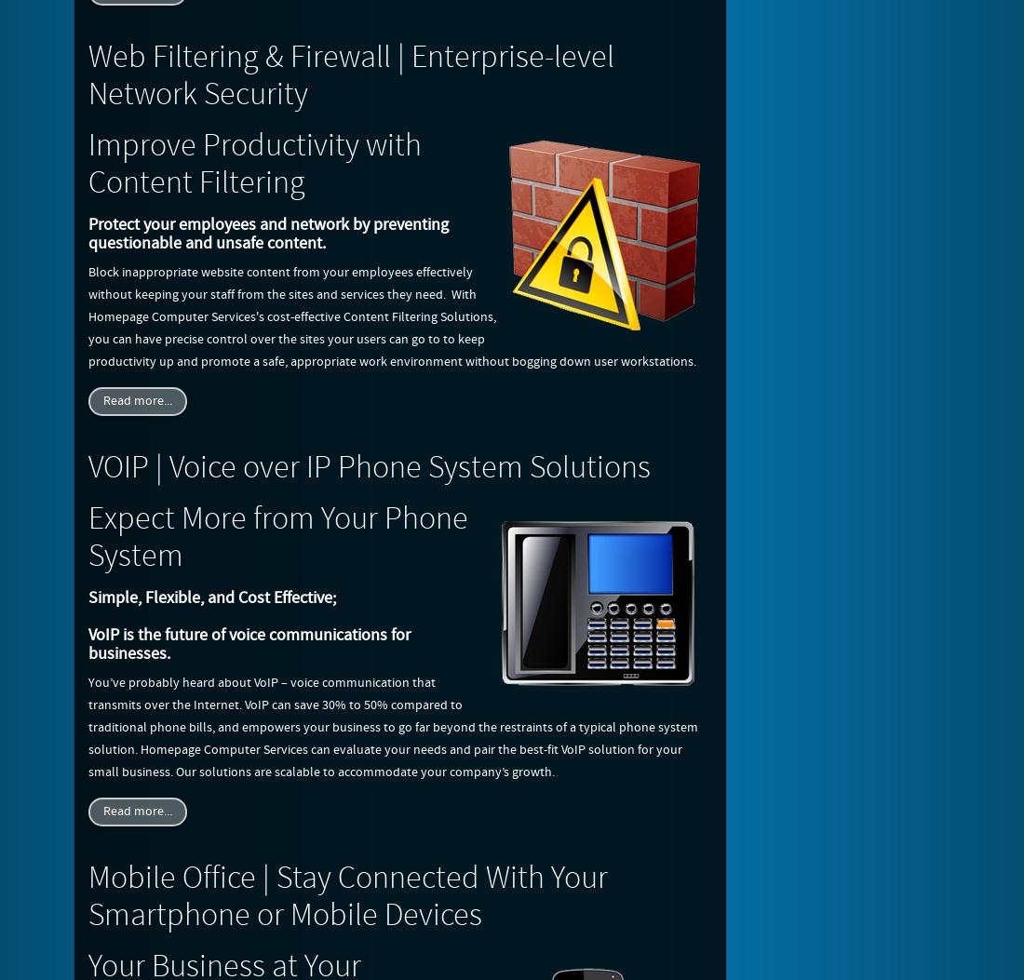 The image size is (1024, 980). Describe the element at coordinates (392, 727) in the screenshot. I see `'You’ve probably heard about VoIP – voice communication that transmits over the Internet. VoIP can save 30% to 50% compared to traditional phone bills, and empowers your business to go far beyond the restraints of a typical phone system solution. Homepage Computer Services can evaluate your needs and pair the best-fit VoIP solution for your small business. Our solutions are scalable to accommodate your company’s growth.'` at that location.